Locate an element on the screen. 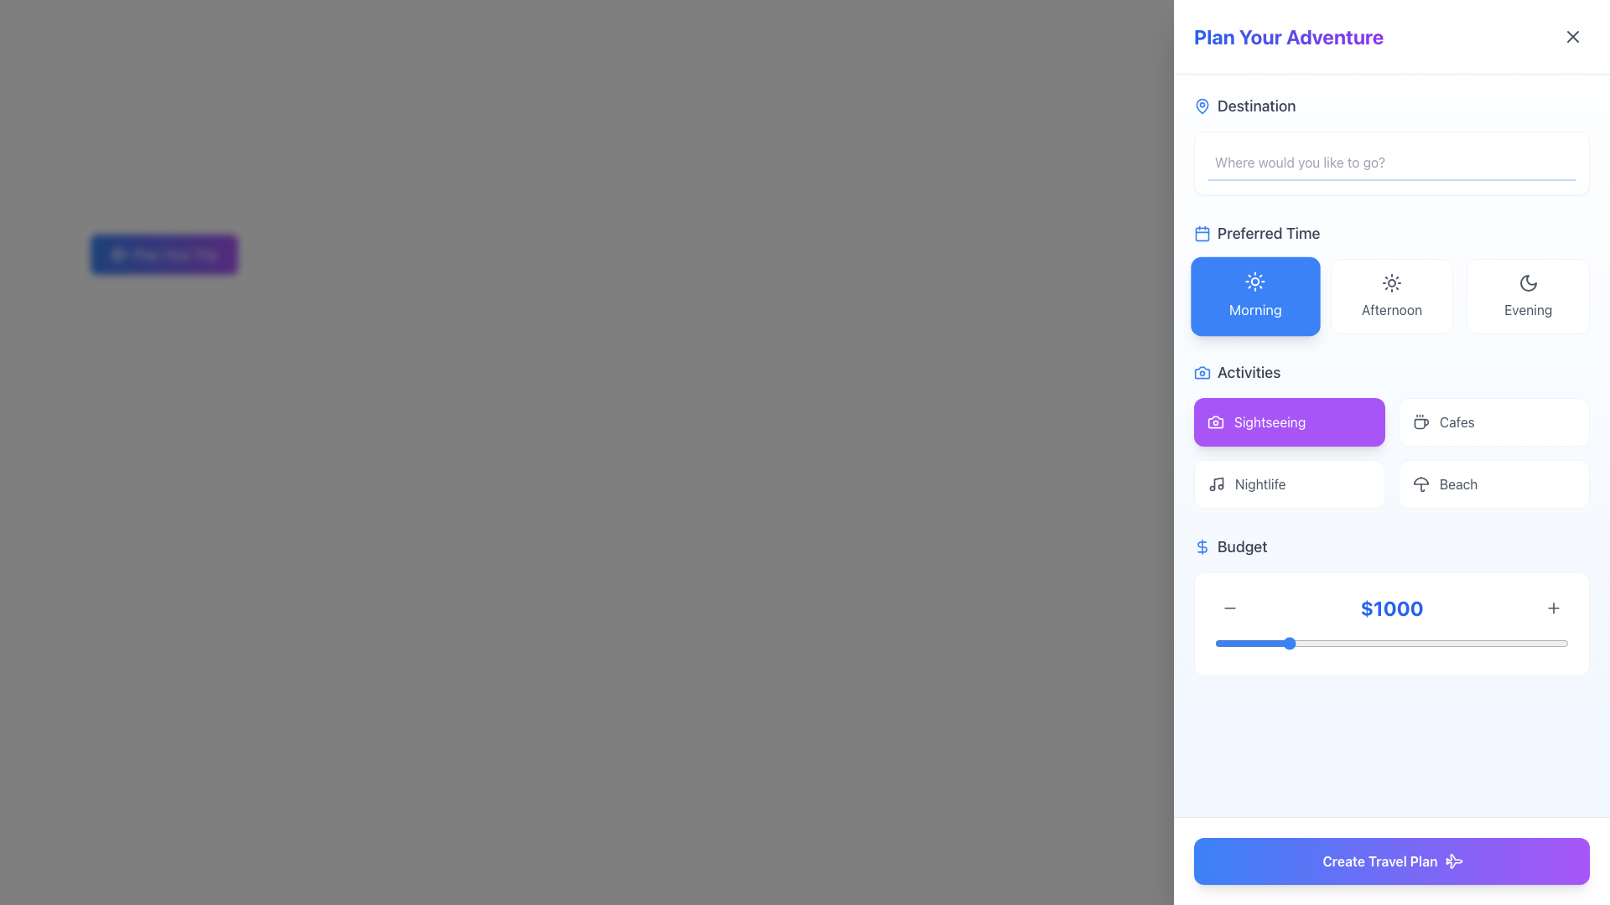  the budget value is located at coordinates (1303, 642).